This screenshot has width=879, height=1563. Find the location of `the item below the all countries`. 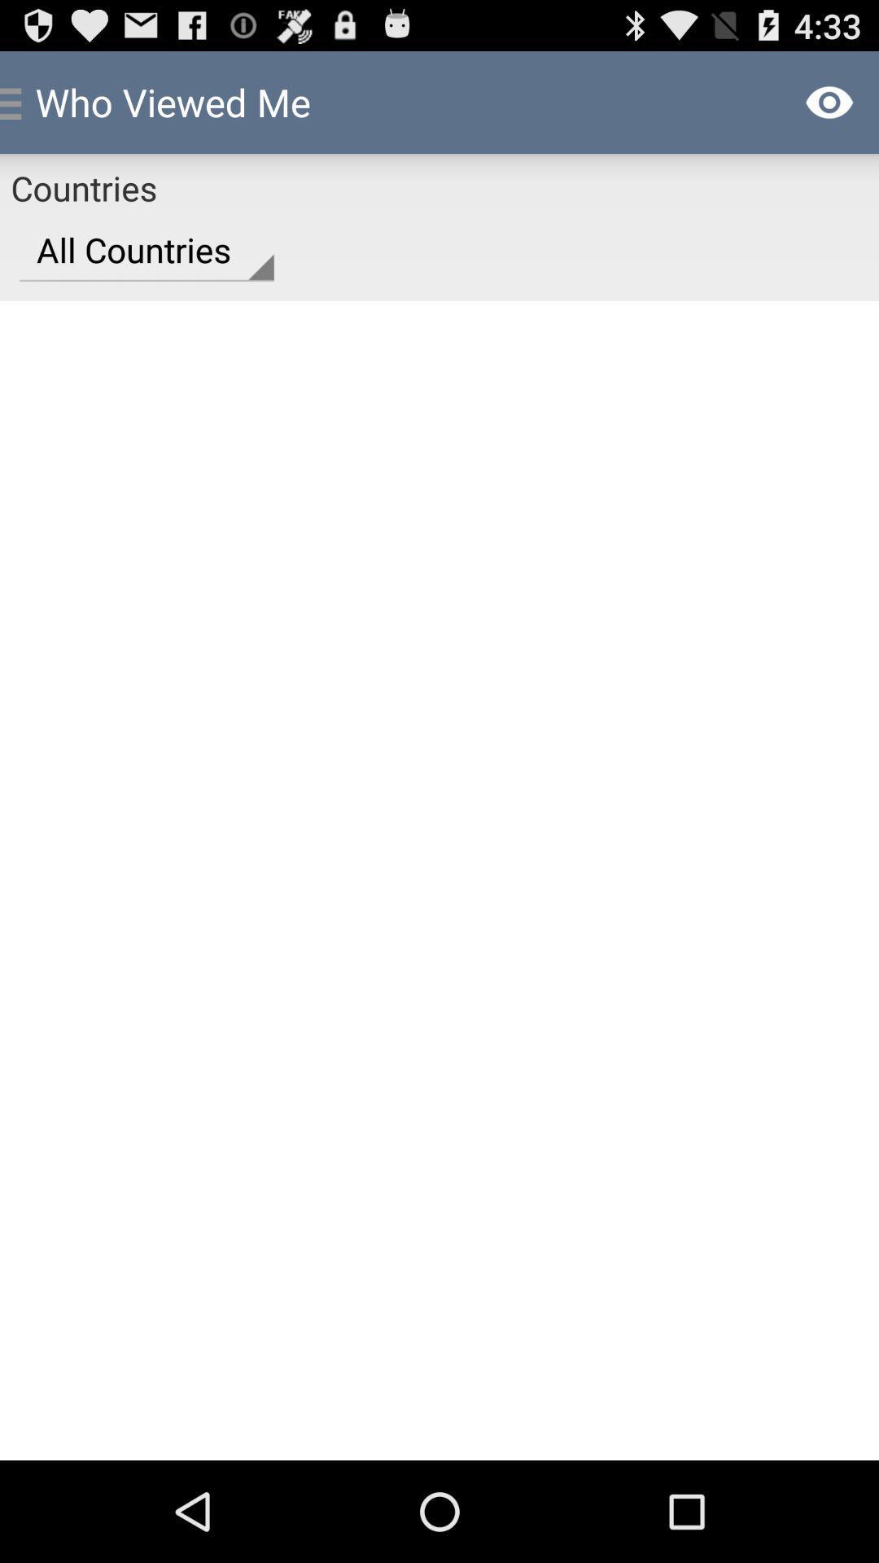

the item below the all countries is located at coordinates (439, 879).